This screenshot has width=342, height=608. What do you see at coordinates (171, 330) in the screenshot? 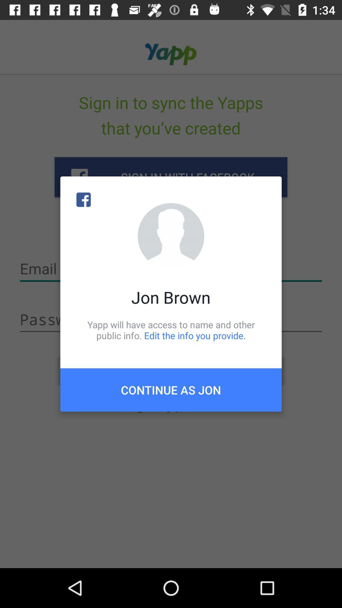
I see `item below jon brown icon` at bounding box center [171, 330].